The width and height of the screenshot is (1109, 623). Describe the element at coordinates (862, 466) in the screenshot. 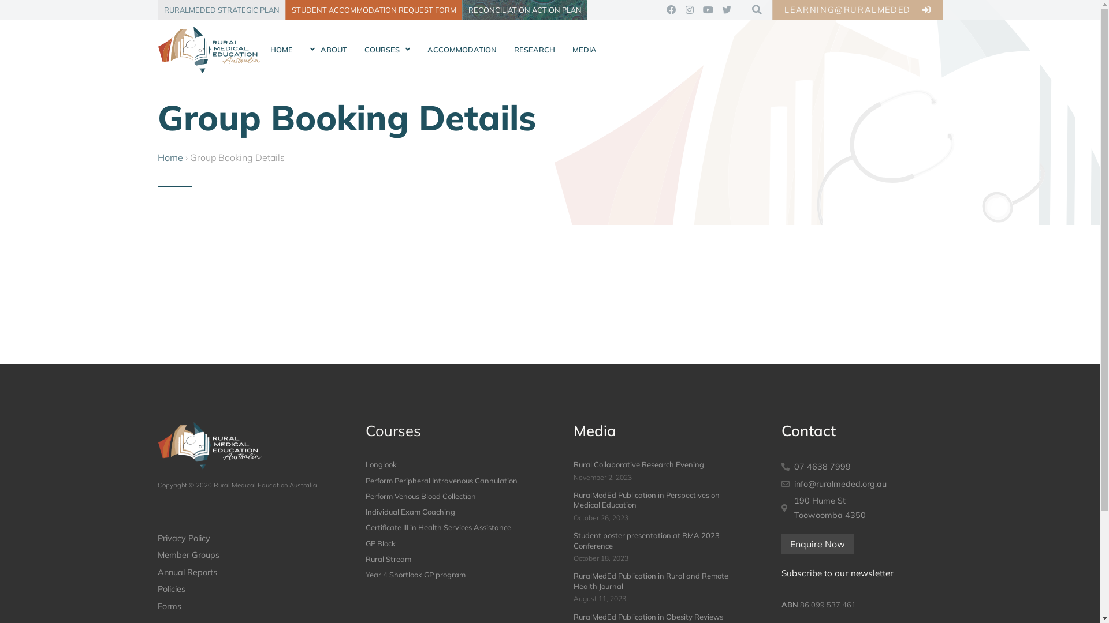

I see `'07 4638 7999'` at that location.